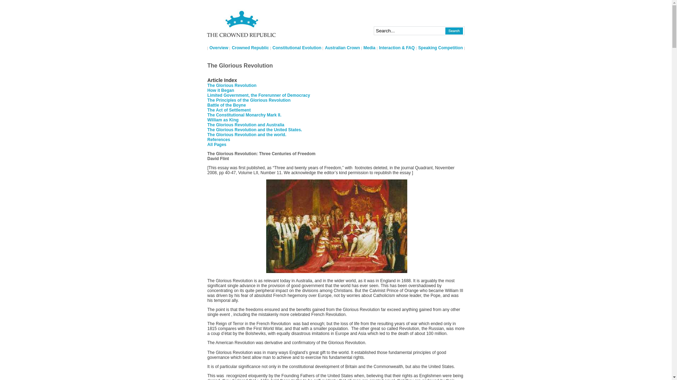 Image resolution: width=677 pixels, height=380 pixels. What do you see at coordinates (369, 47) in the screenshot?
I see `'Media'` at bounding box center [369, 47].